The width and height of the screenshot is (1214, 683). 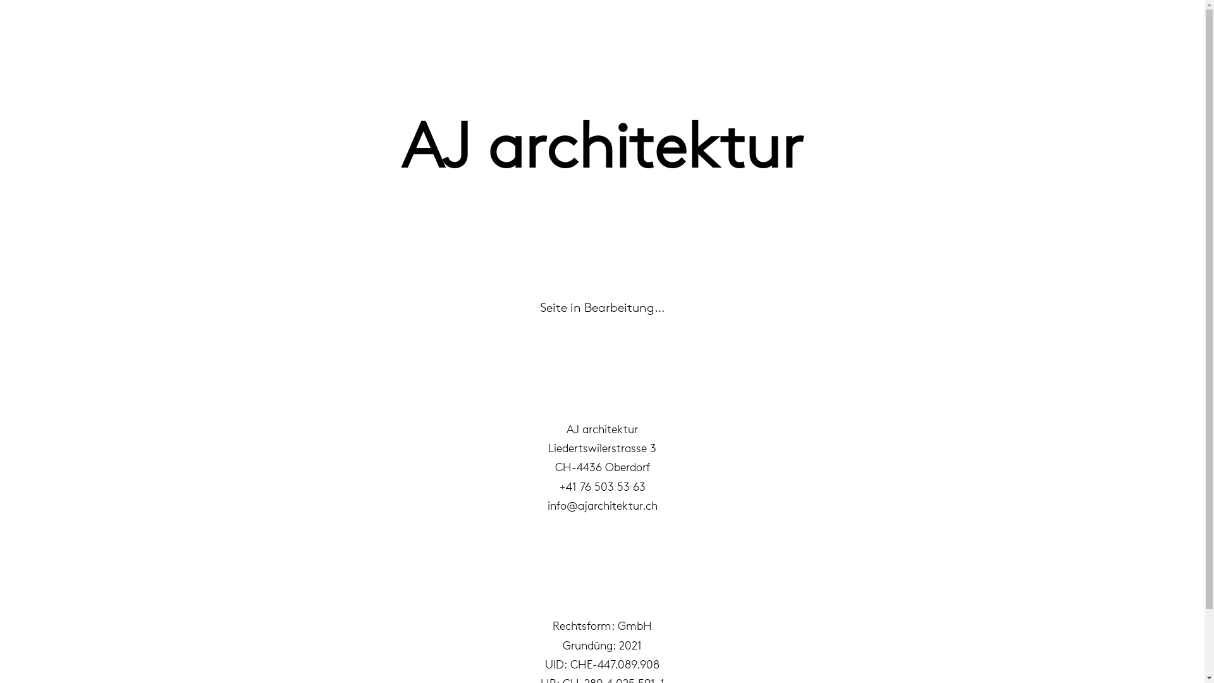 I want to click on '+41 76 503 53 63', so click(x=601, y=486).